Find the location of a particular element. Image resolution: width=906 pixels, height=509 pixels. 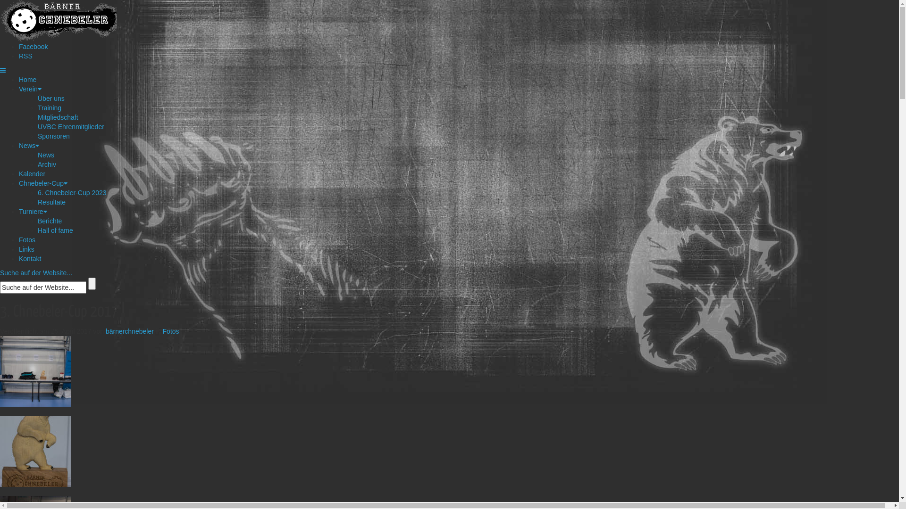

'Fotos' is located at coordinates (171, 330).